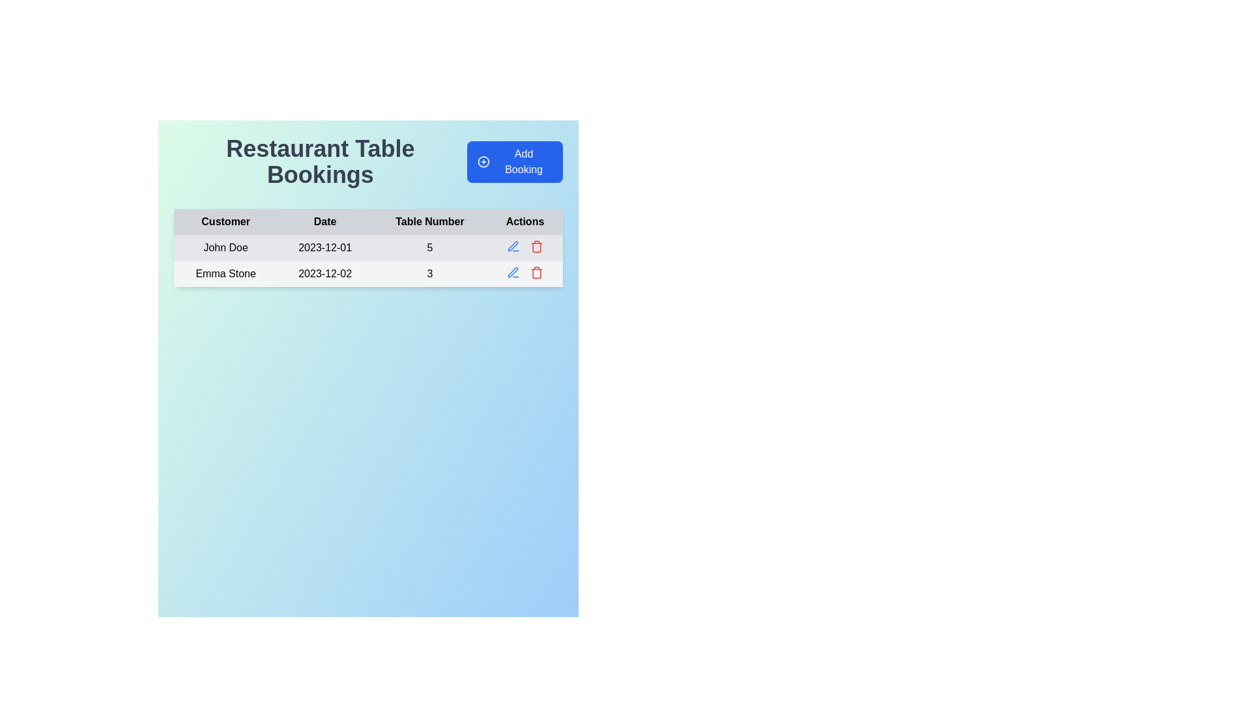 Image resolution: width=1251 pixels, height=703 pixels. I want to click on the text label displaying 'John Doe' in the 'Customer' column of the table, located in the first row, so click(225, 248).